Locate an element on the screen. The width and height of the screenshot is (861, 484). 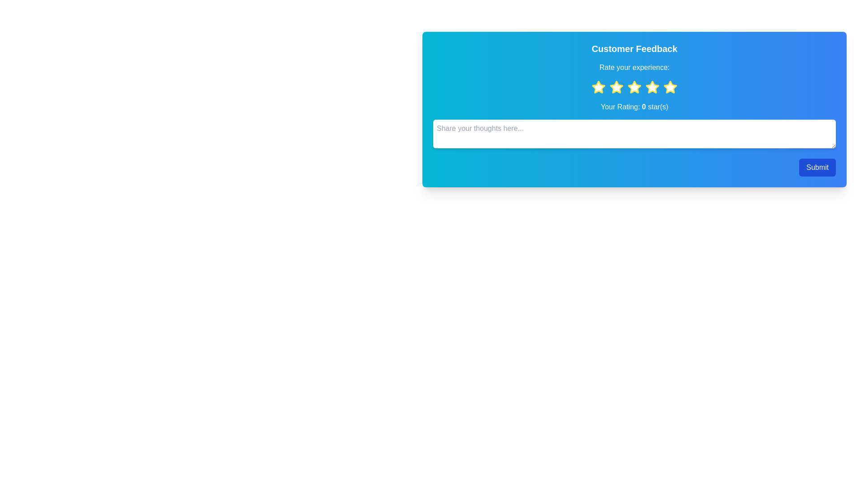
the star corresponding to the desired rating 2 is located at coordinates (616, 87).